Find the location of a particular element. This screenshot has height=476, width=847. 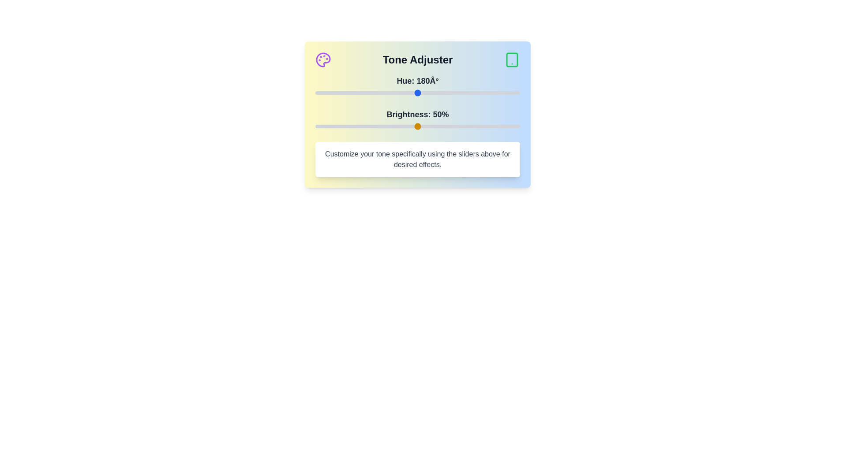

the hue slider to set the hue to 185 degrees is located at coordinates (420, 93).